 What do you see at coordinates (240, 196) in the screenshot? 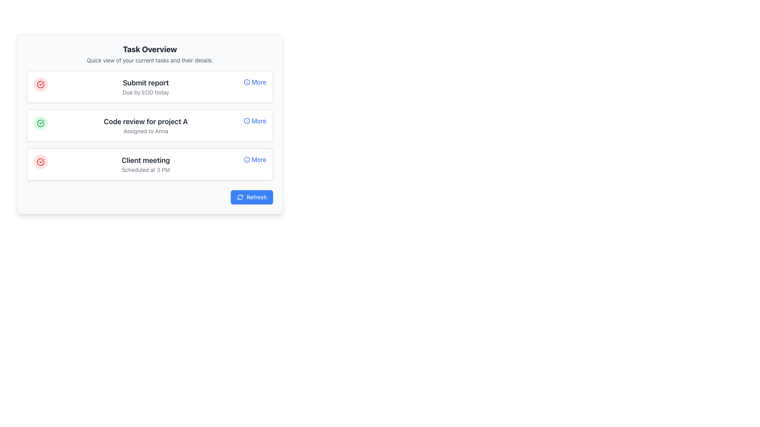
I see `the Refresh icon located in the bottom-right corner of the interface, positioned to the left of the 'Refresh' button text` at bounding box center [240, 196].